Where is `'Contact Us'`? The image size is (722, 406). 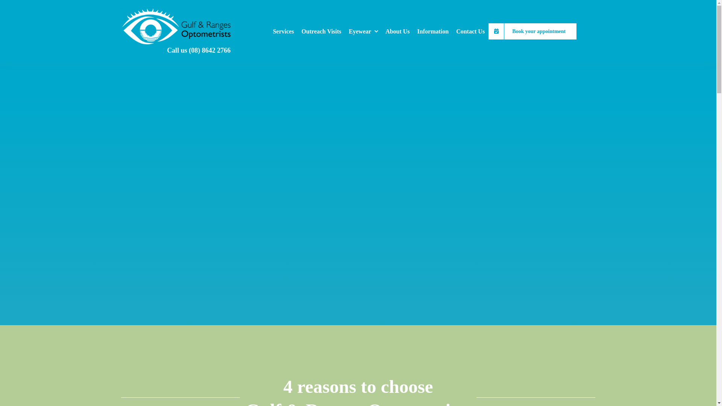 'Contact Us' is located at coordinates (470, 31).